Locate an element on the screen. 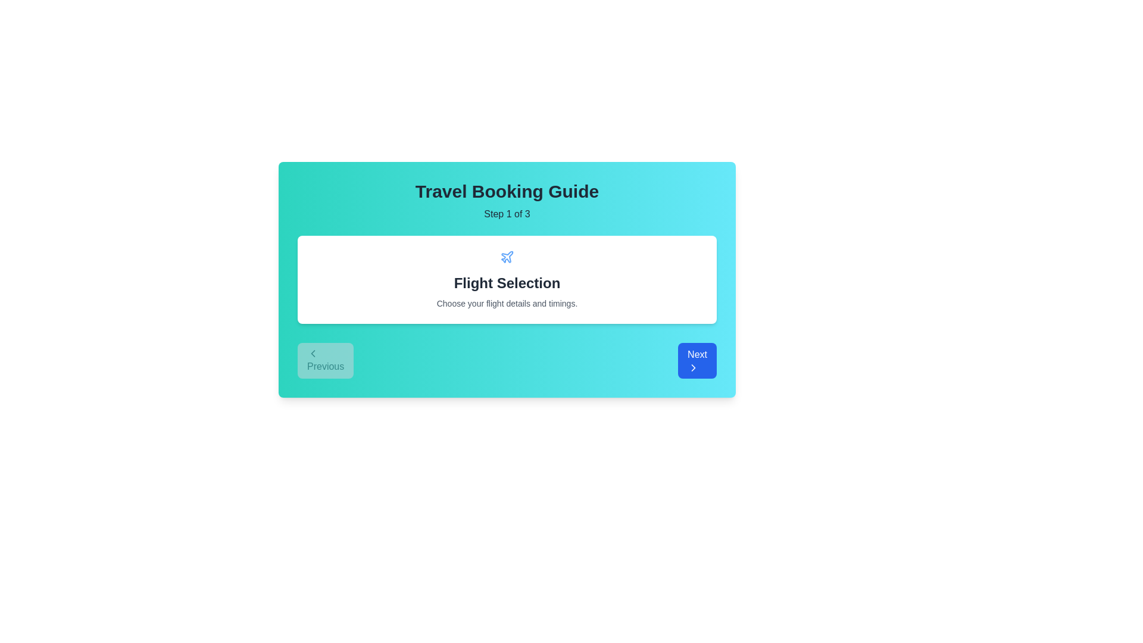 The width and height of the screenshot is (1143, 643). the 'Travel Booking Guide' informational text header, which features a large and bold font followed by a smaller text 'Step 1 of 3' is located at coordinates (507, 201).